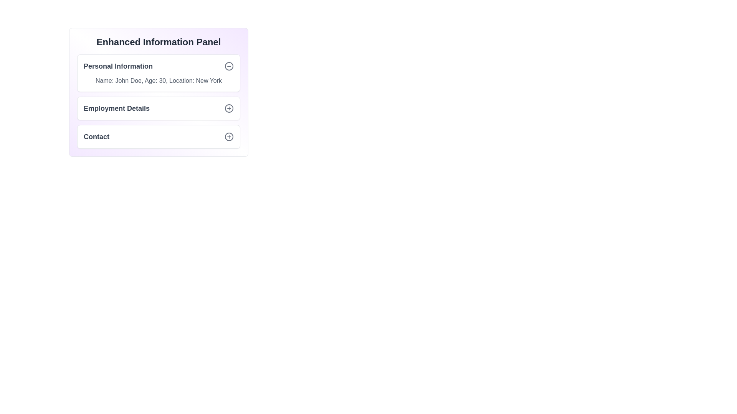  I want to click on the Icon button located to the far right of the 'Personal Information' header in the 'Enhanced Information Panel', so click(228, 66).